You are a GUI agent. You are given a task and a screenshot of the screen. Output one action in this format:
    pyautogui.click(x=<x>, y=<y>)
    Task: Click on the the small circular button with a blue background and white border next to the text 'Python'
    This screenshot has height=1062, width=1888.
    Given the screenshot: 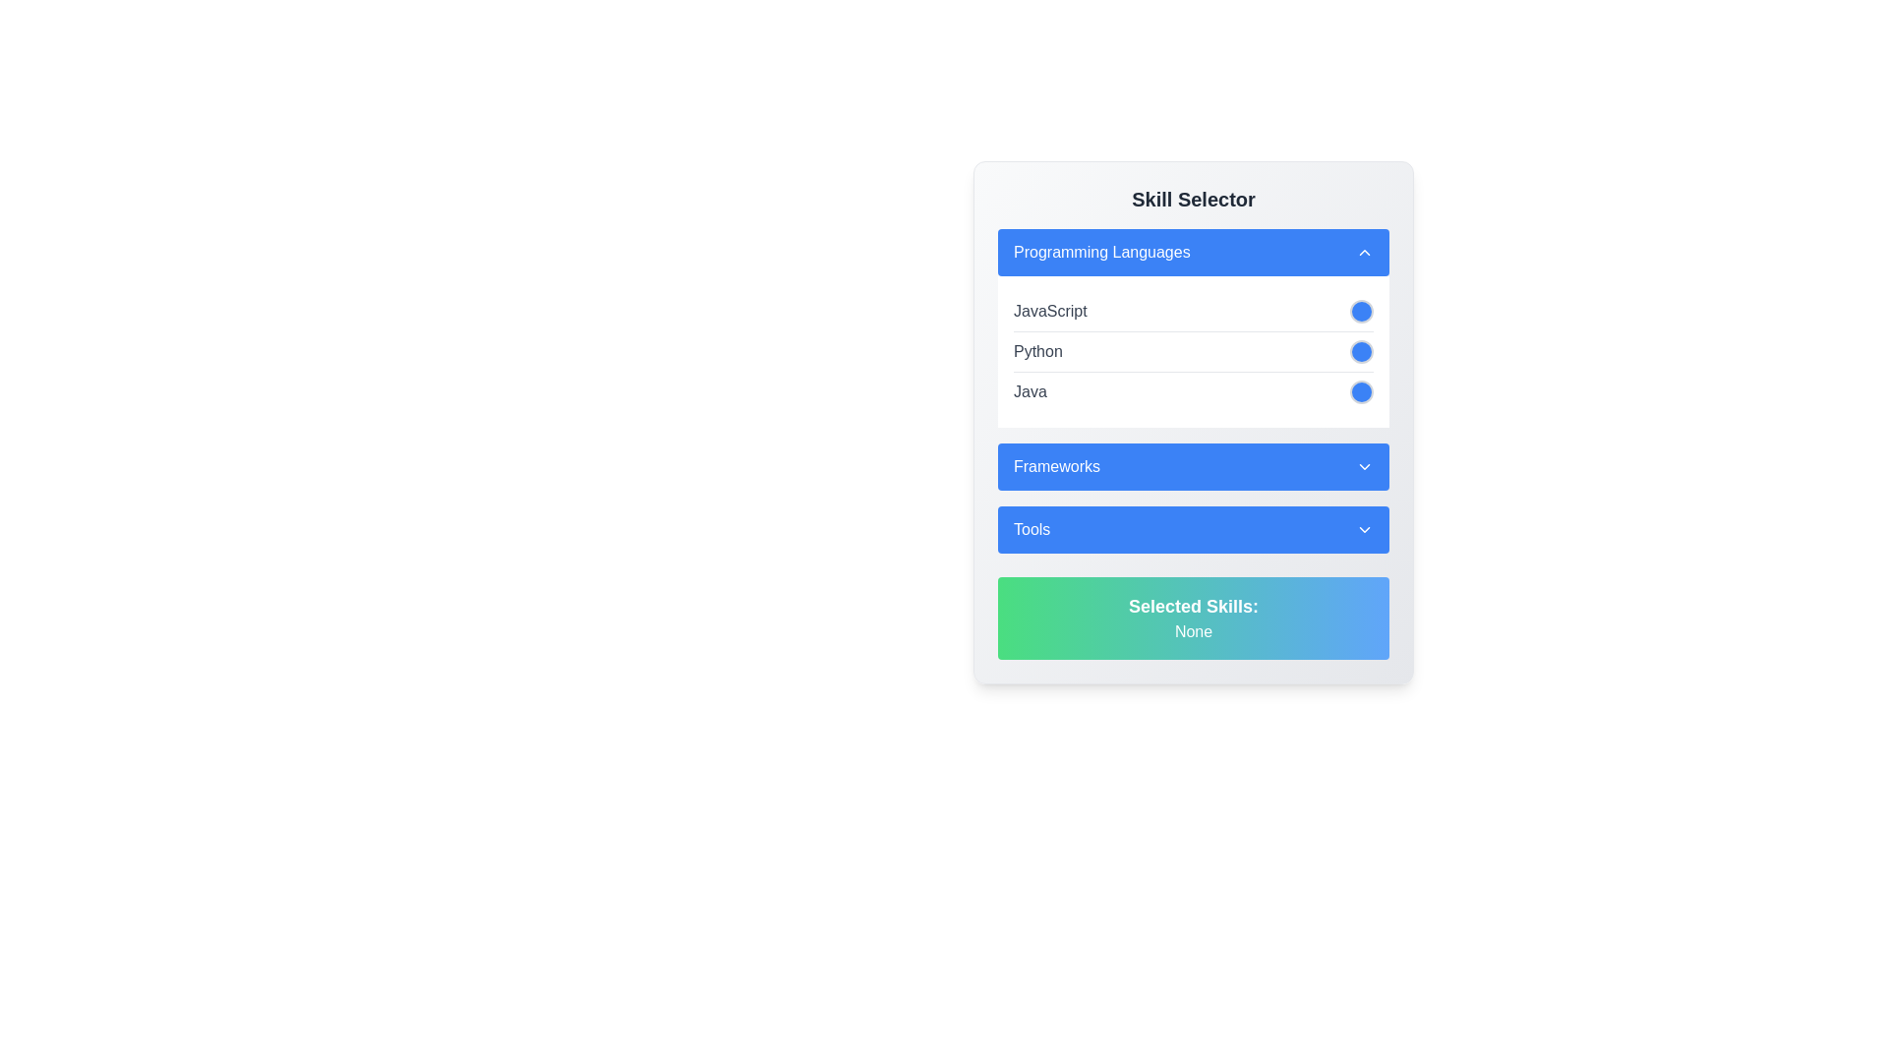 What is the action you would take?
    pyautogui.click(x=1361, y=351)
    